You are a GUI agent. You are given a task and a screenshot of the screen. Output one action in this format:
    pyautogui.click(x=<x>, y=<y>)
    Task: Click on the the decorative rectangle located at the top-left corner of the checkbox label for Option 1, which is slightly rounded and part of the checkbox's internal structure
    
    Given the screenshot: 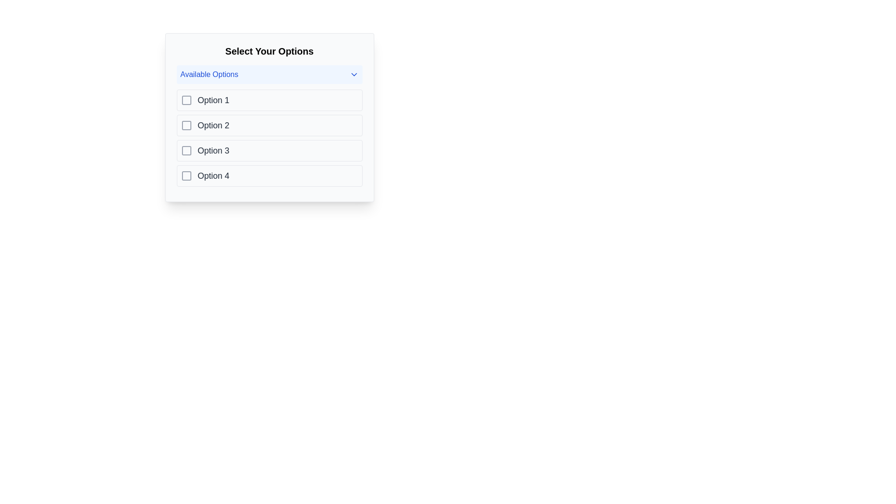 What is the action you would take?
    pyautogui.click(x=186, y=100)
    